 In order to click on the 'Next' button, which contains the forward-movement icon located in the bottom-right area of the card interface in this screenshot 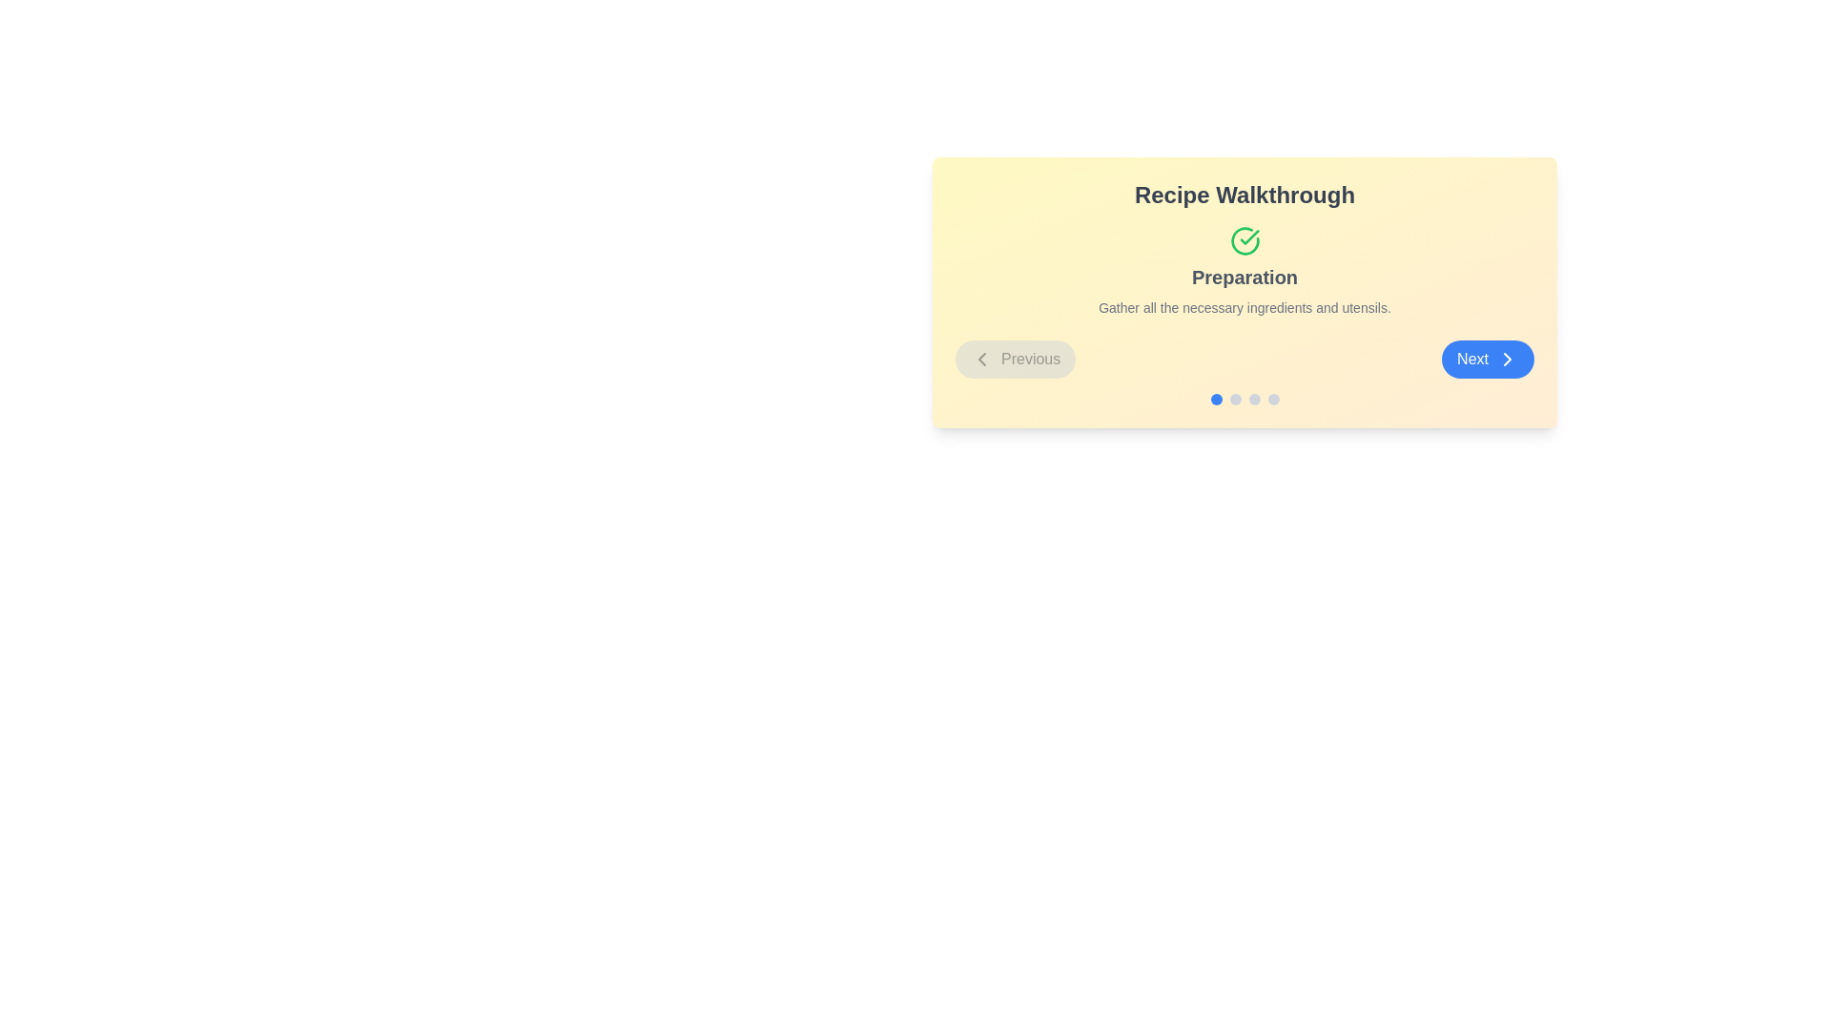, I will do `click(1506, 360)`.